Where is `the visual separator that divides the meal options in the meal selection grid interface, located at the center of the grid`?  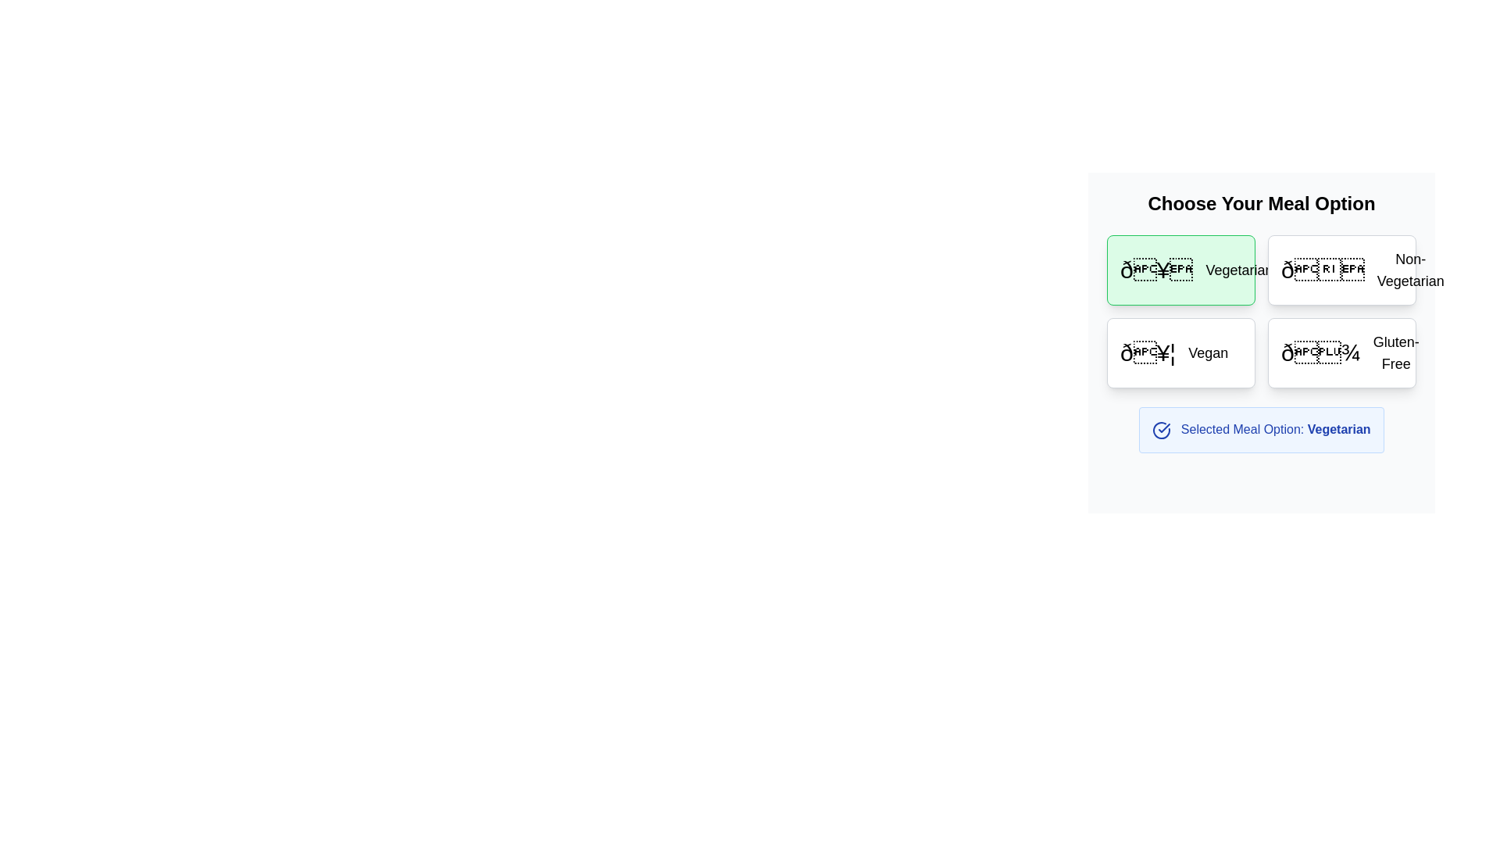 the visual separator that divides the meal options in the meal selection grid interface, located at the center of the grid is located at coordinates (1261, 333).